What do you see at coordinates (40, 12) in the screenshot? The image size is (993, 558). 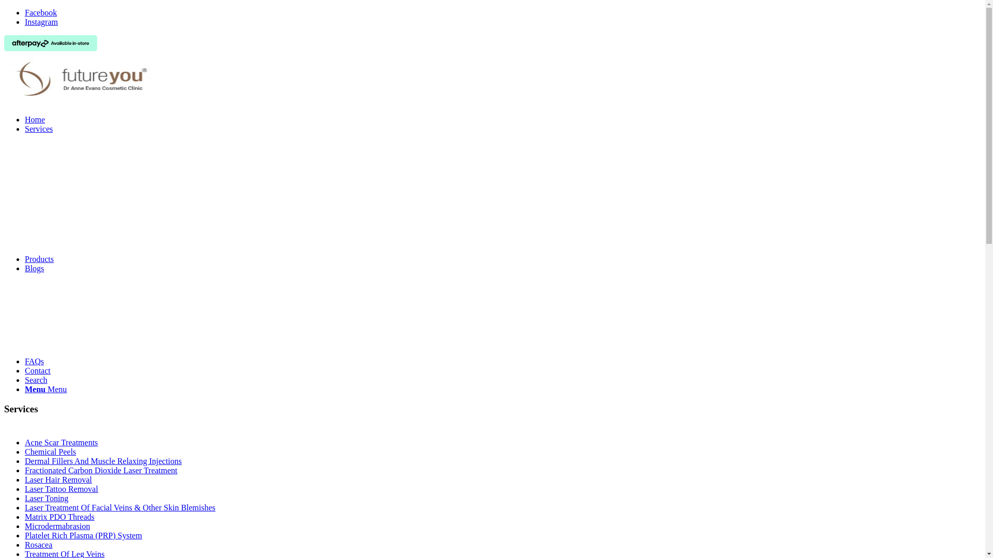 I see `'Facebook'` at bounding box center [40, 12].